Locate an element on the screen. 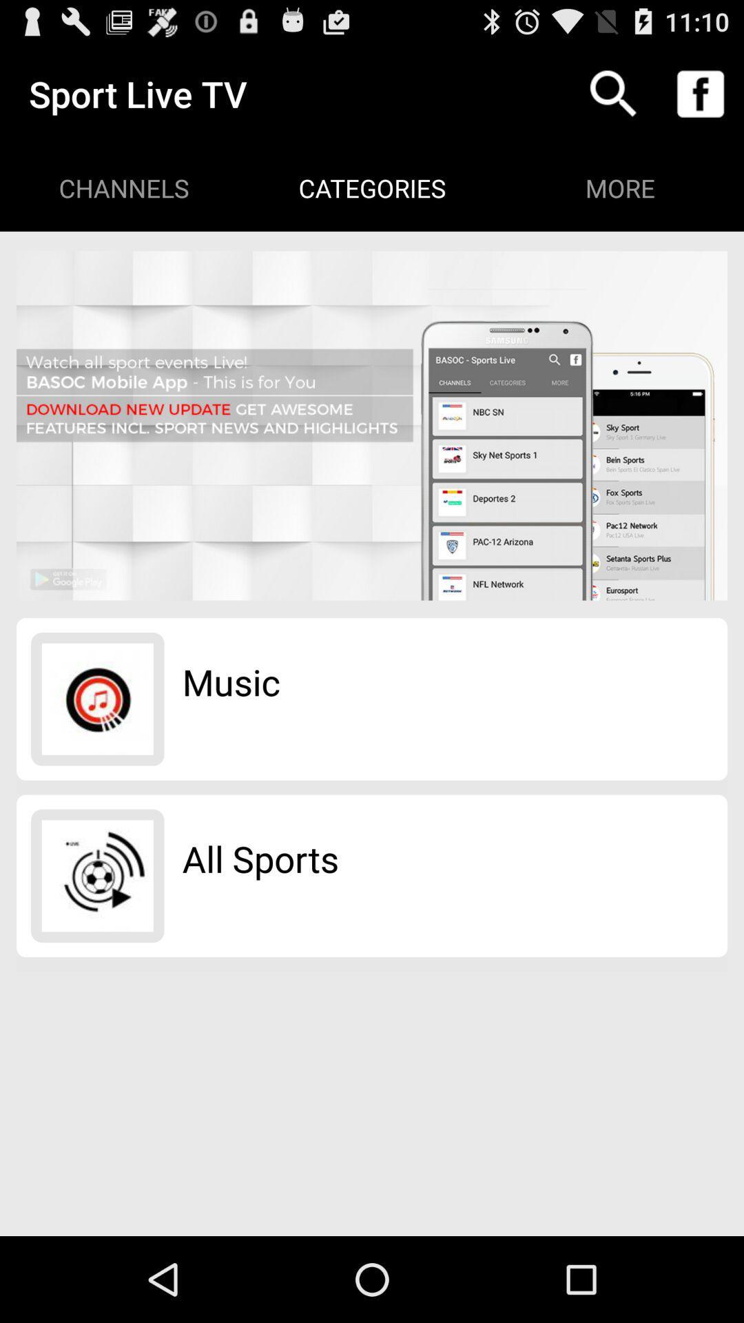 The image size is (744, 1323). the app above all sports item is located at coordinates (230, 681).